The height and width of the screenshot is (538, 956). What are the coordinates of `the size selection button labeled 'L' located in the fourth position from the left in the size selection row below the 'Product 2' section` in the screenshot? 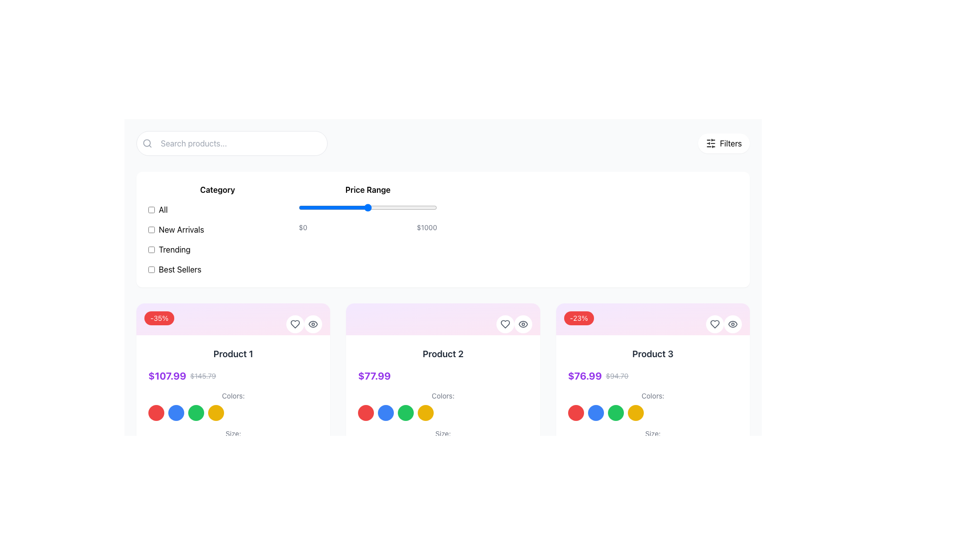 It's located at (439, 451).